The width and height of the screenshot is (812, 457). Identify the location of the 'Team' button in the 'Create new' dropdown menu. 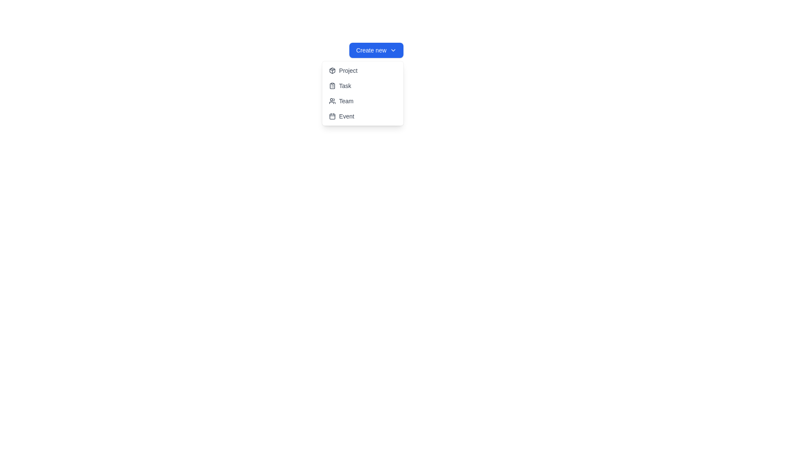
(362, 101).